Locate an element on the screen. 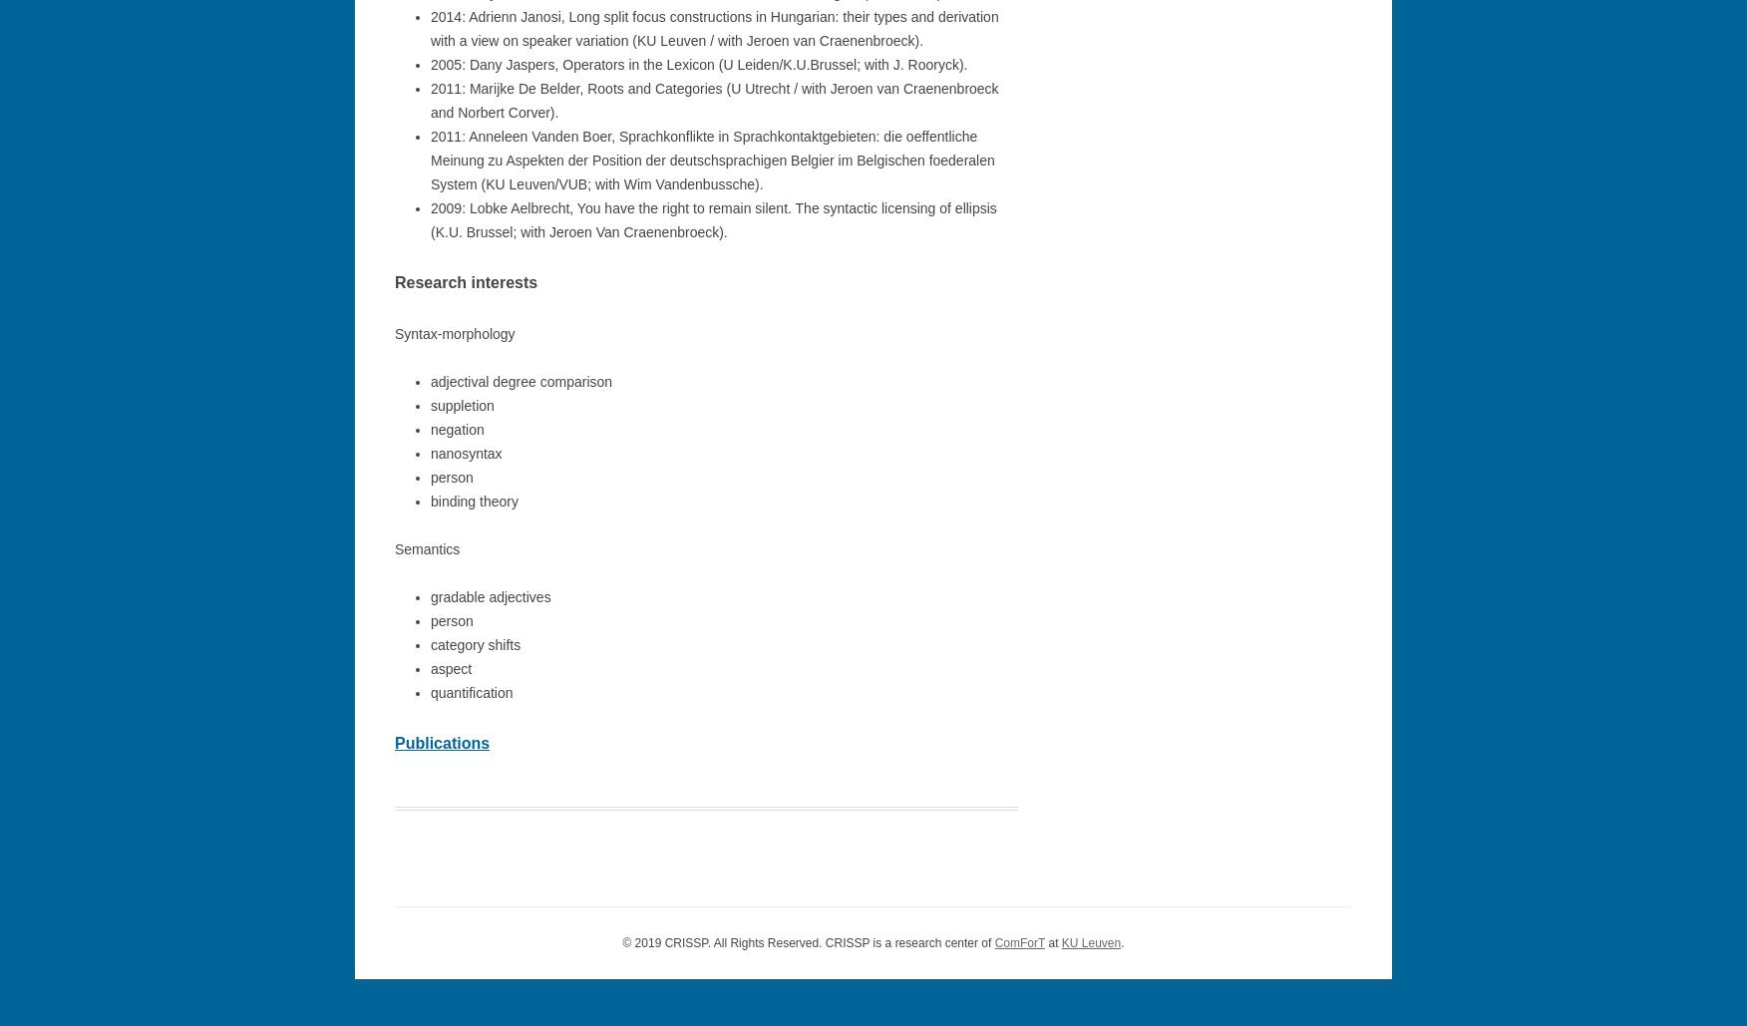 The width and height of the screenshot is (1747, 1026). 'Semantics' is located at coordinates (426, 547).